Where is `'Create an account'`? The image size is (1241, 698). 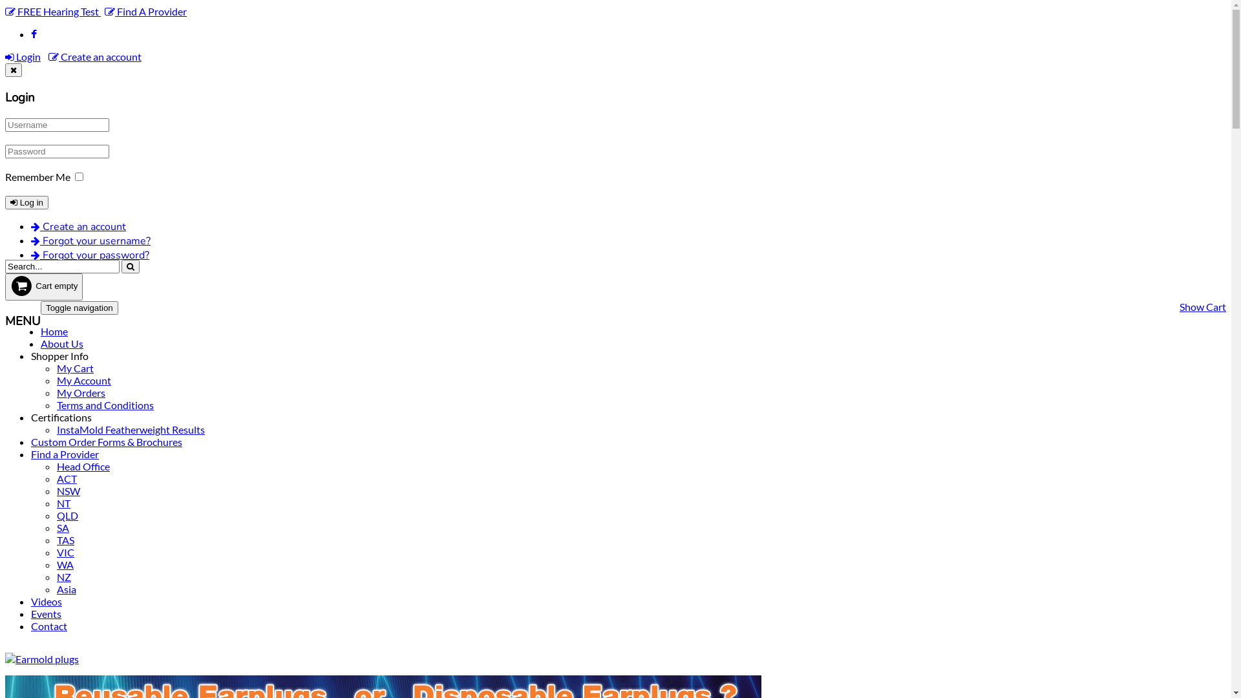 'Create an account' is located at coordinates (94, 56).